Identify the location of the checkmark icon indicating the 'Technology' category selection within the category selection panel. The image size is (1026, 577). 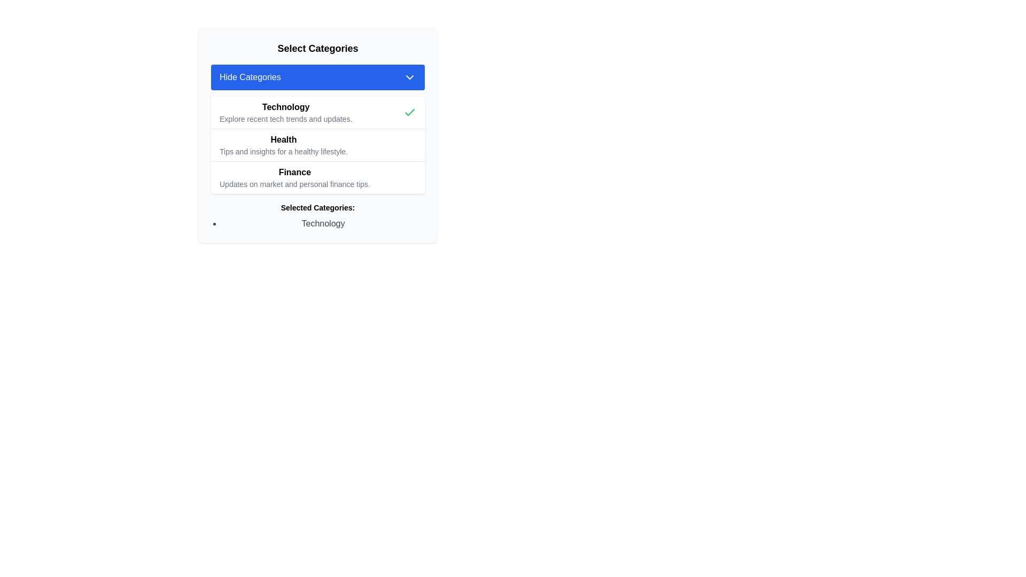
(409, 113).